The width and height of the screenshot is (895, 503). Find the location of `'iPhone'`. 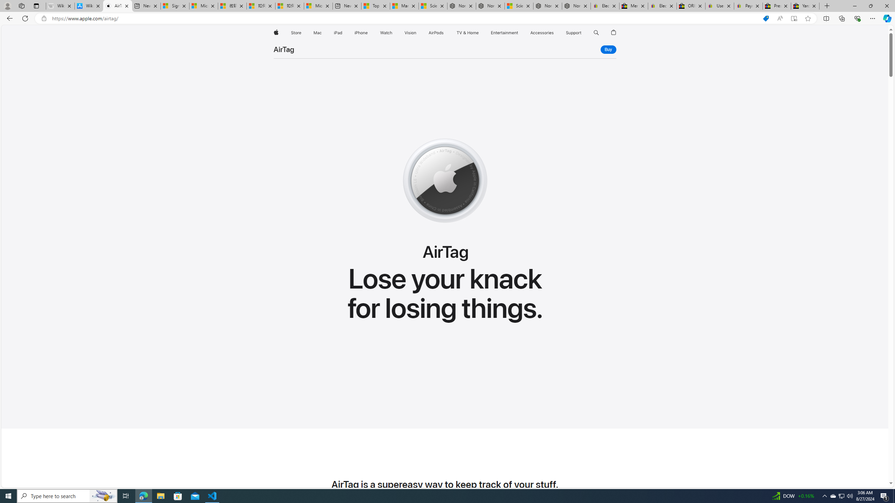

'iPhone' is located at coordinates (360, 32).